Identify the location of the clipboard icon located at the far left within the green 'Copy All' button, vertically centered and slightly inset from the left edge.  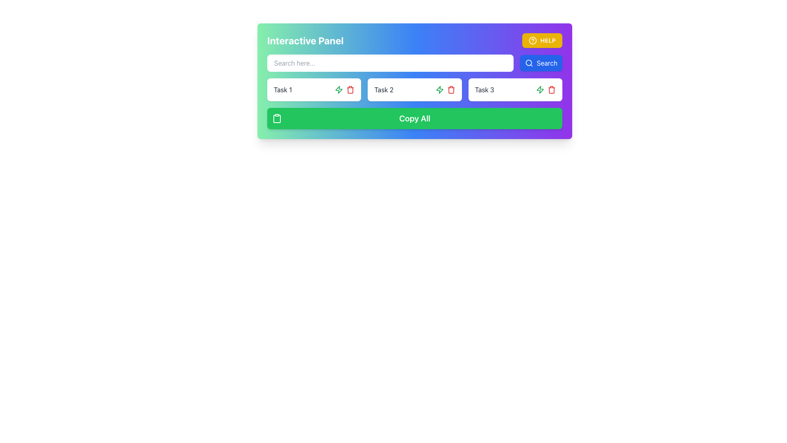
(277, 119).